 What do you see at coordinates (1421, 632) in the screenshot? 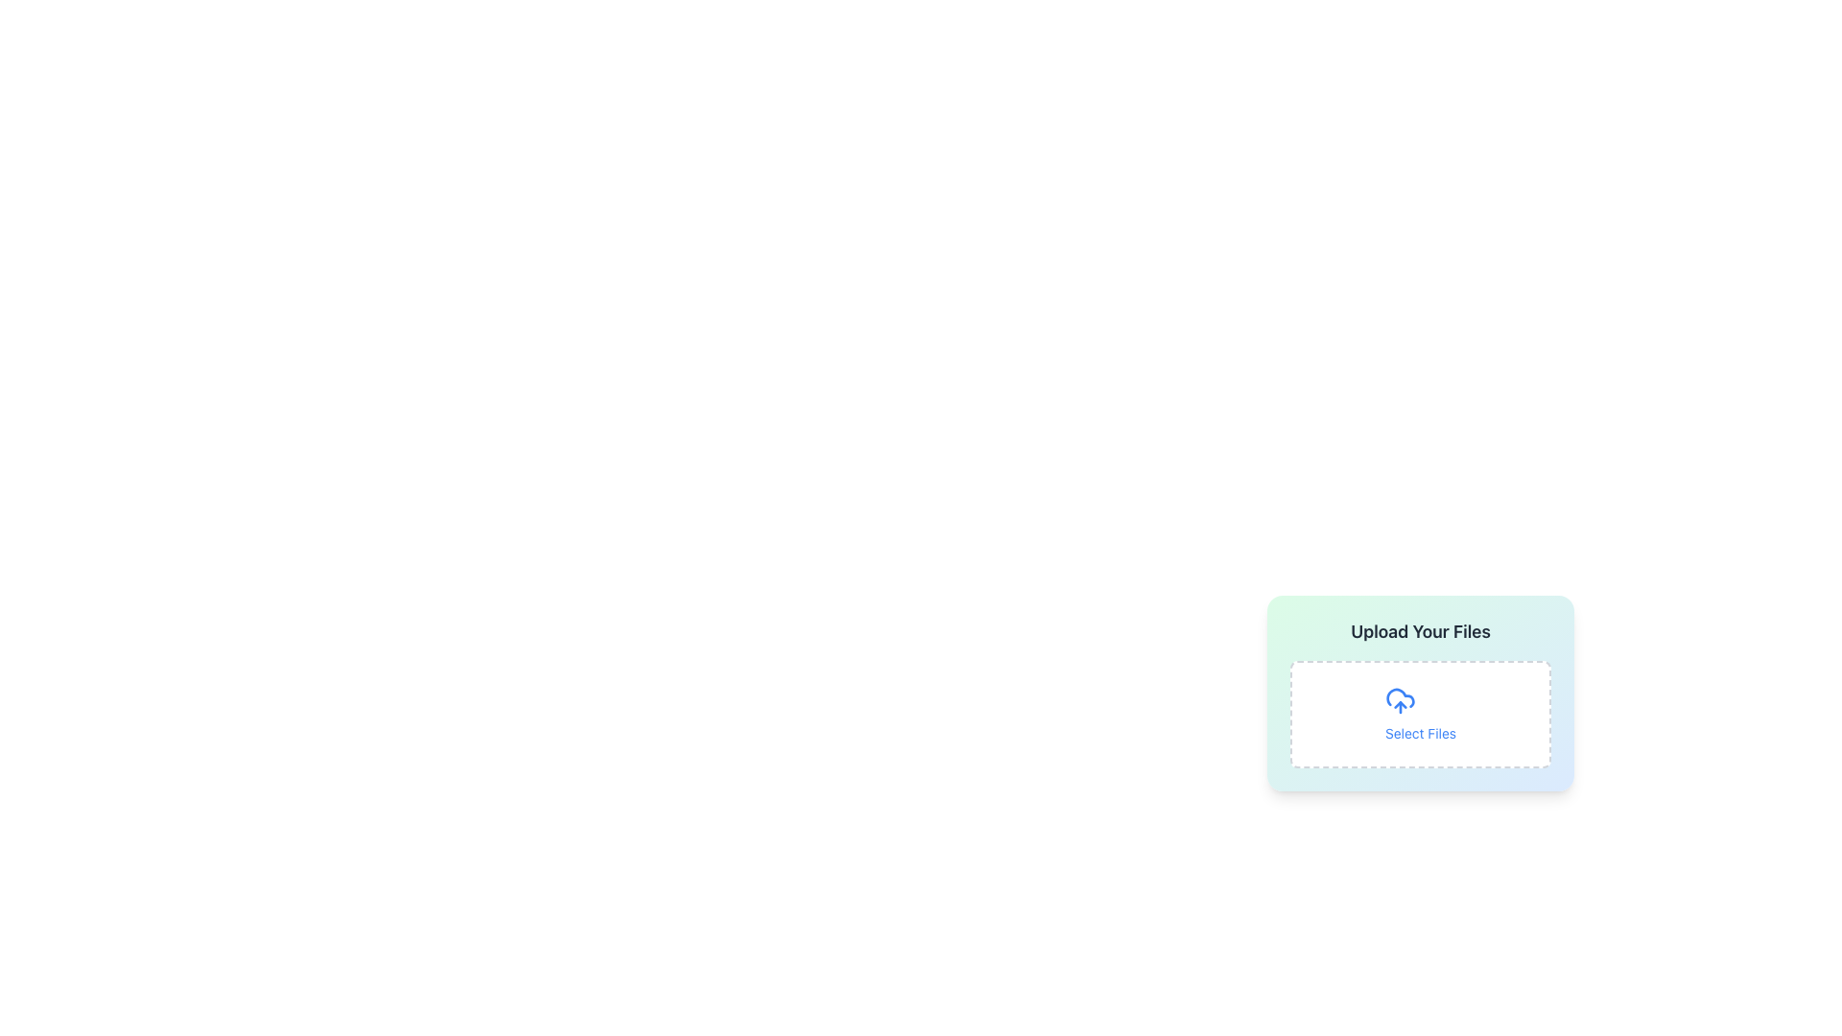
I see `the heading text label 'Upload Your Files' at the top-center of the card, which is styled in bold and dark gray on a gradient background` at bounding box center [1421, 632].